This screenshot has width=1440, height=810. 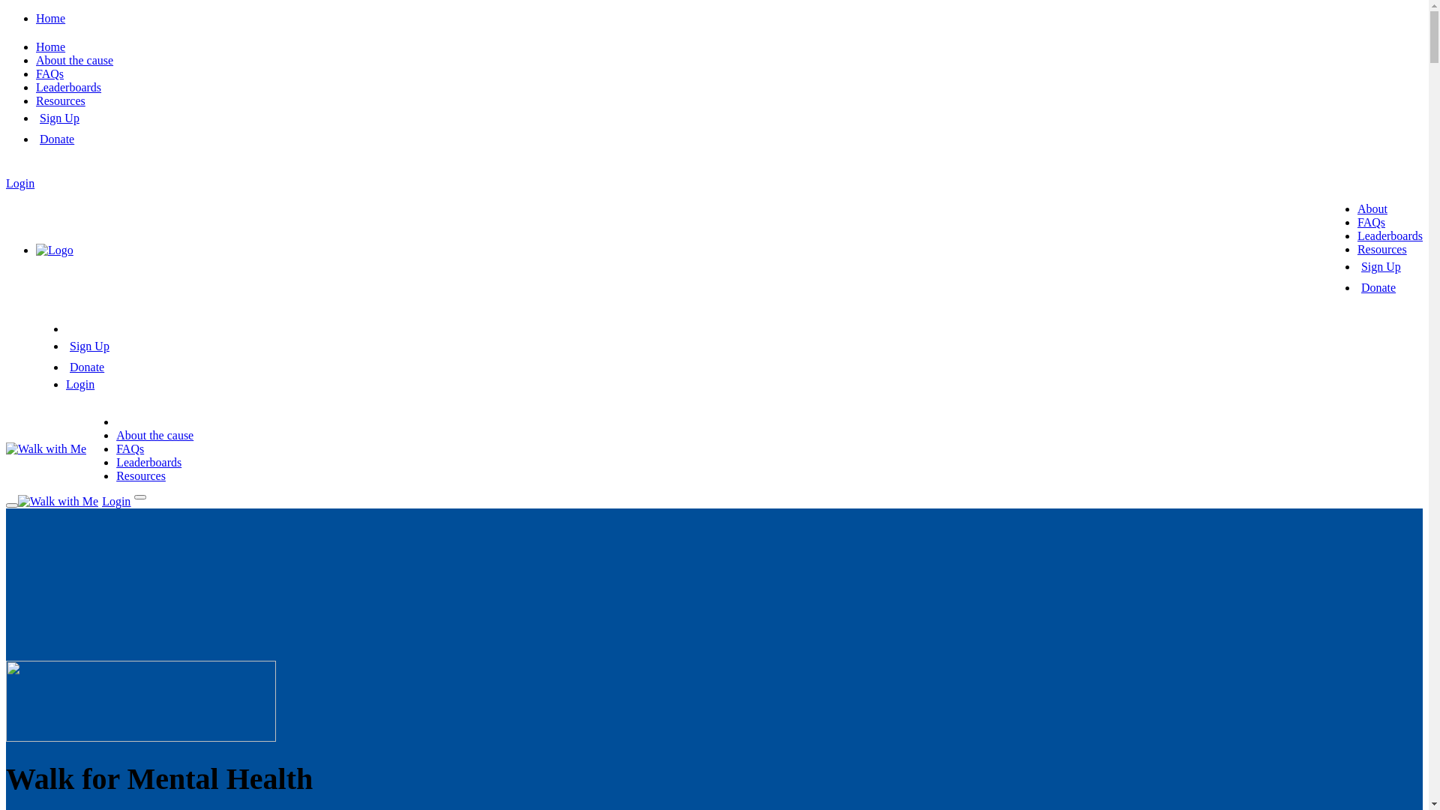 I want to click on 'Resources', so click(x=140, y=475).